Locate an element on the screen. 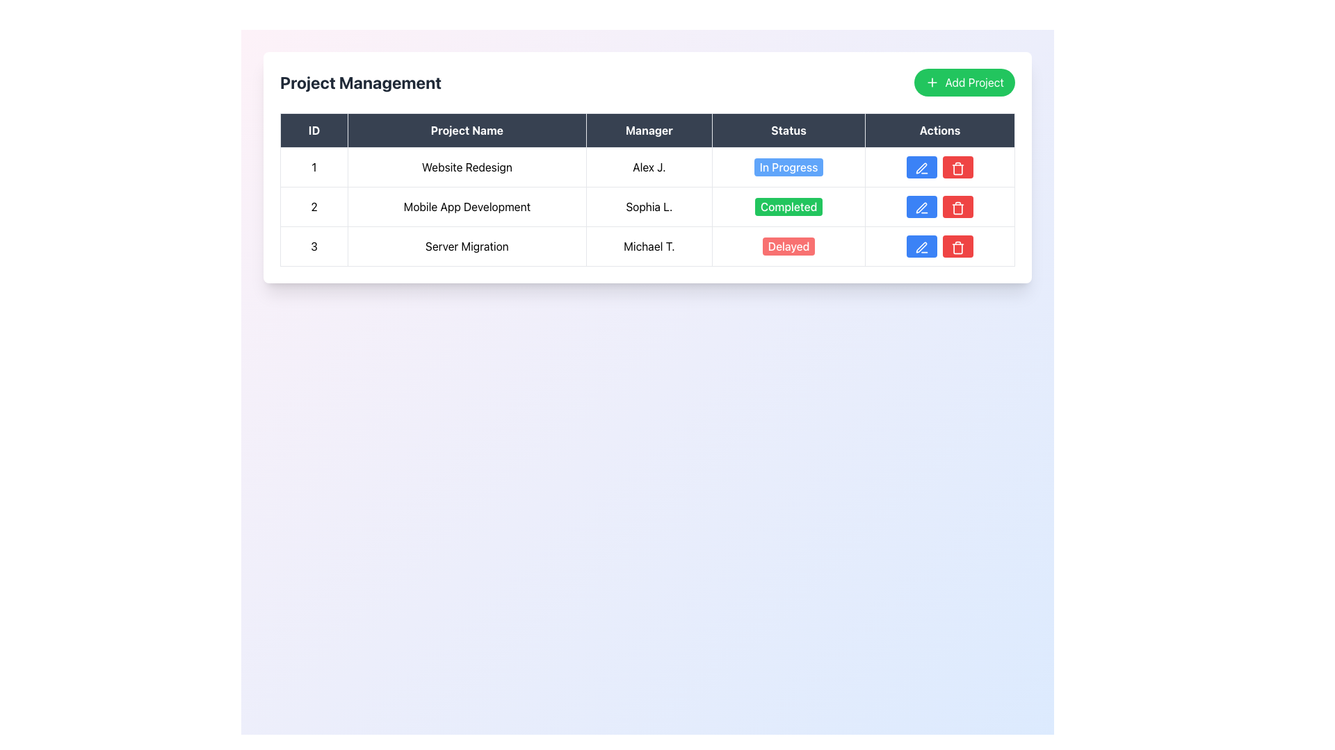  the static text element displaying 'Server Migration' in the Project Management table, located in the second column of the third row is located at coordinates (467, 245).